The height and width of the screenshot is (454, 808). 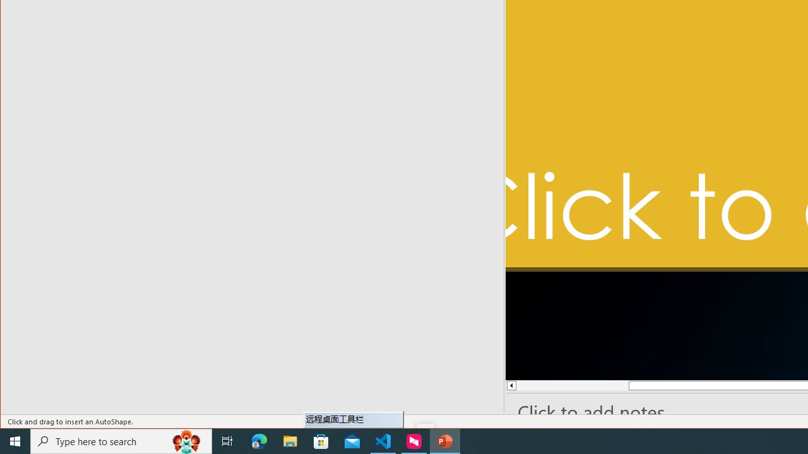 I want to click on 'Visual Studio Code - 1 running window', so click(x=383, y=440).